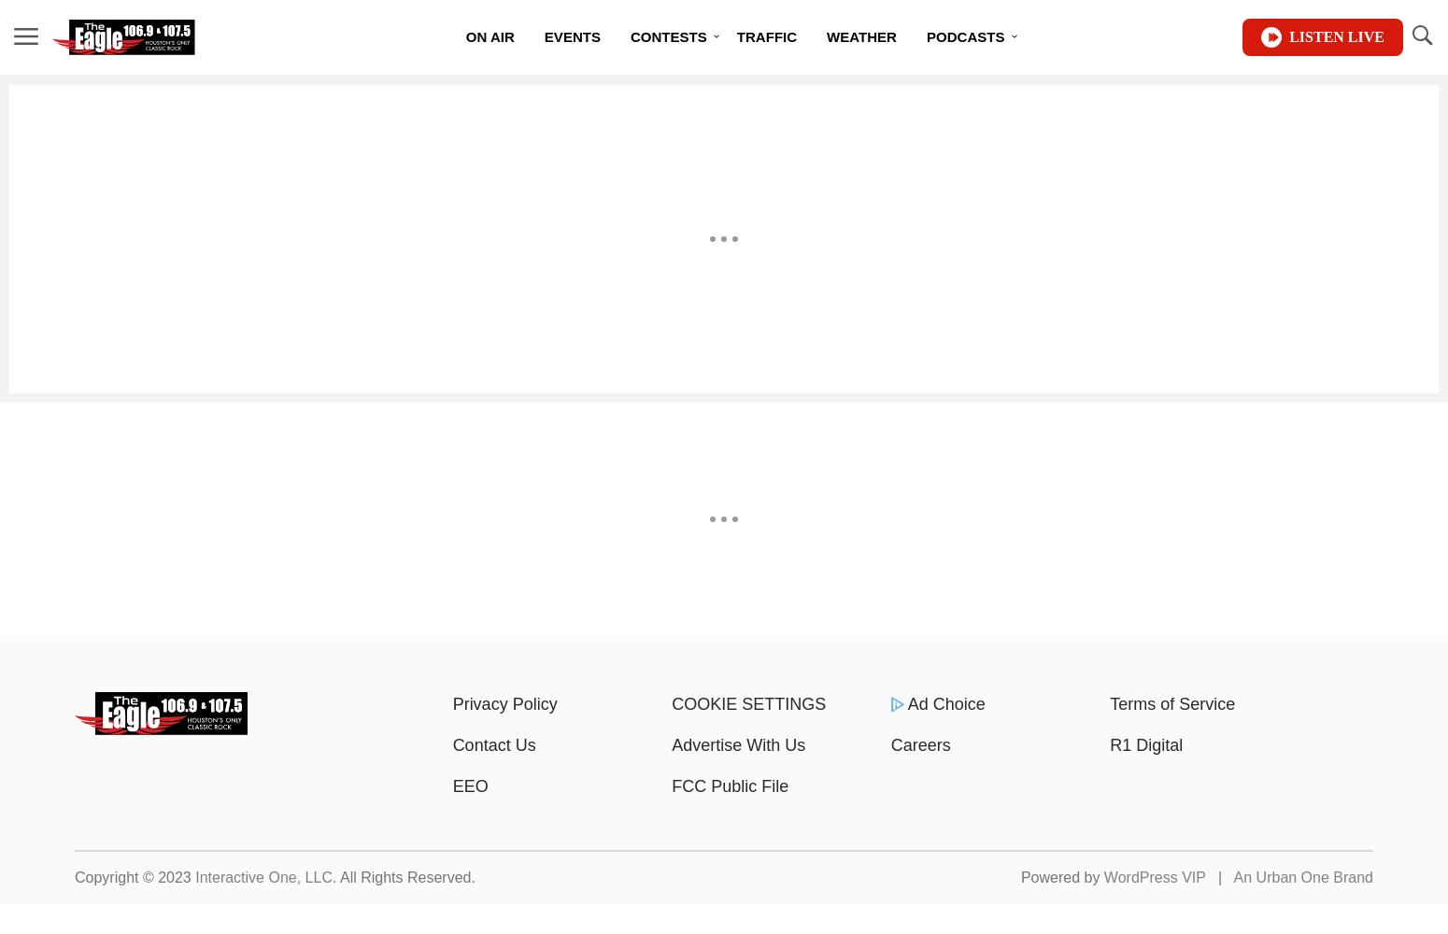 The height and width of the screenshot is (934, 1448). What do you see at coordinates (263, 876) in the screenshot?
I see `'Interactive One, LLC'` at bounding box center [263, 876].